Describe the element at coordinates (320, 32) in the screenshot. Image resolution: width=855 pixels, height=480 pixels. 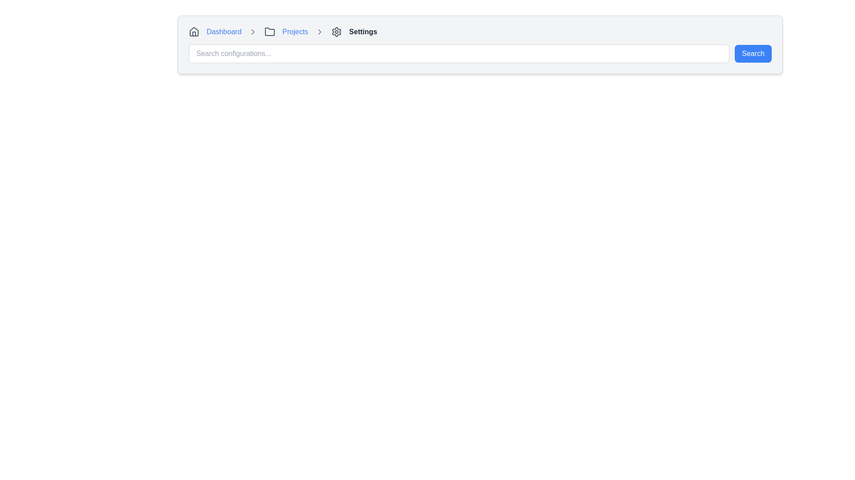
I see `the visual separator icon in the breadcrumb navigation, which indicates hierarchy between the 'Projects' and 'Settings' links` at that location.